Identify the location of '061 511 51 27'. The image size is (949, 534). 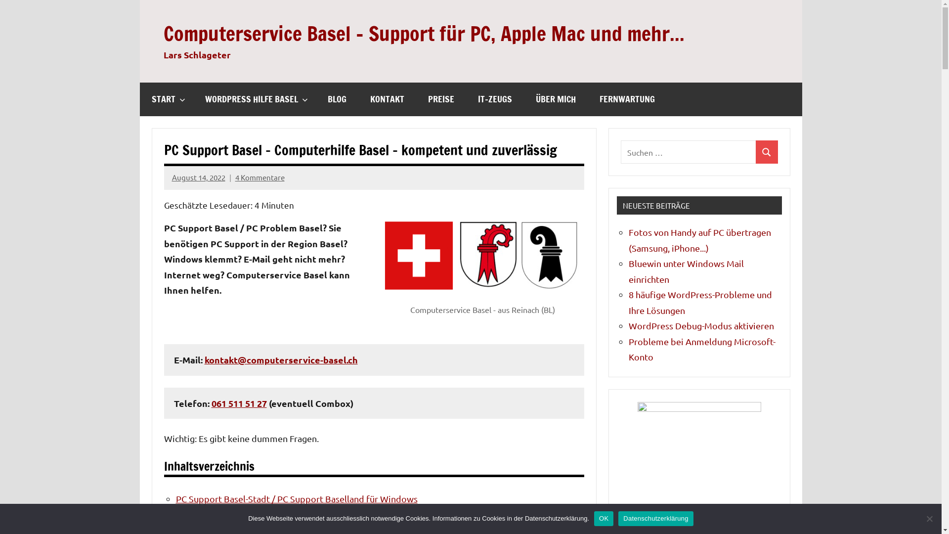
(239, 403).